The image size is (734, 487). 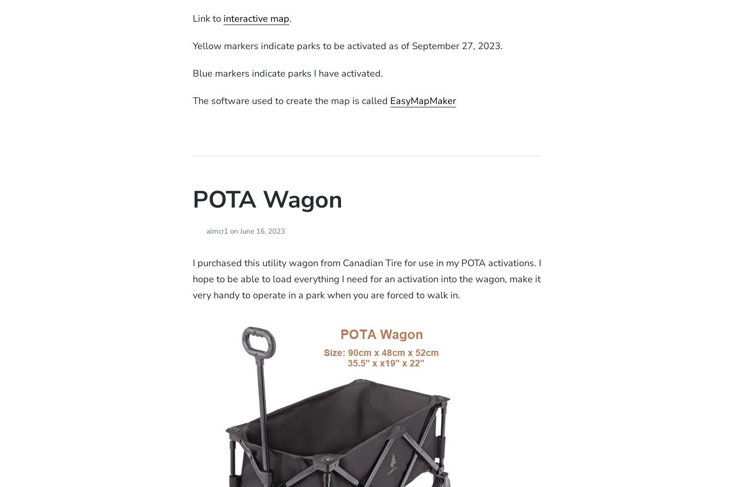 I want to click on 'June 16, 2023', so click(x=262, y=231).